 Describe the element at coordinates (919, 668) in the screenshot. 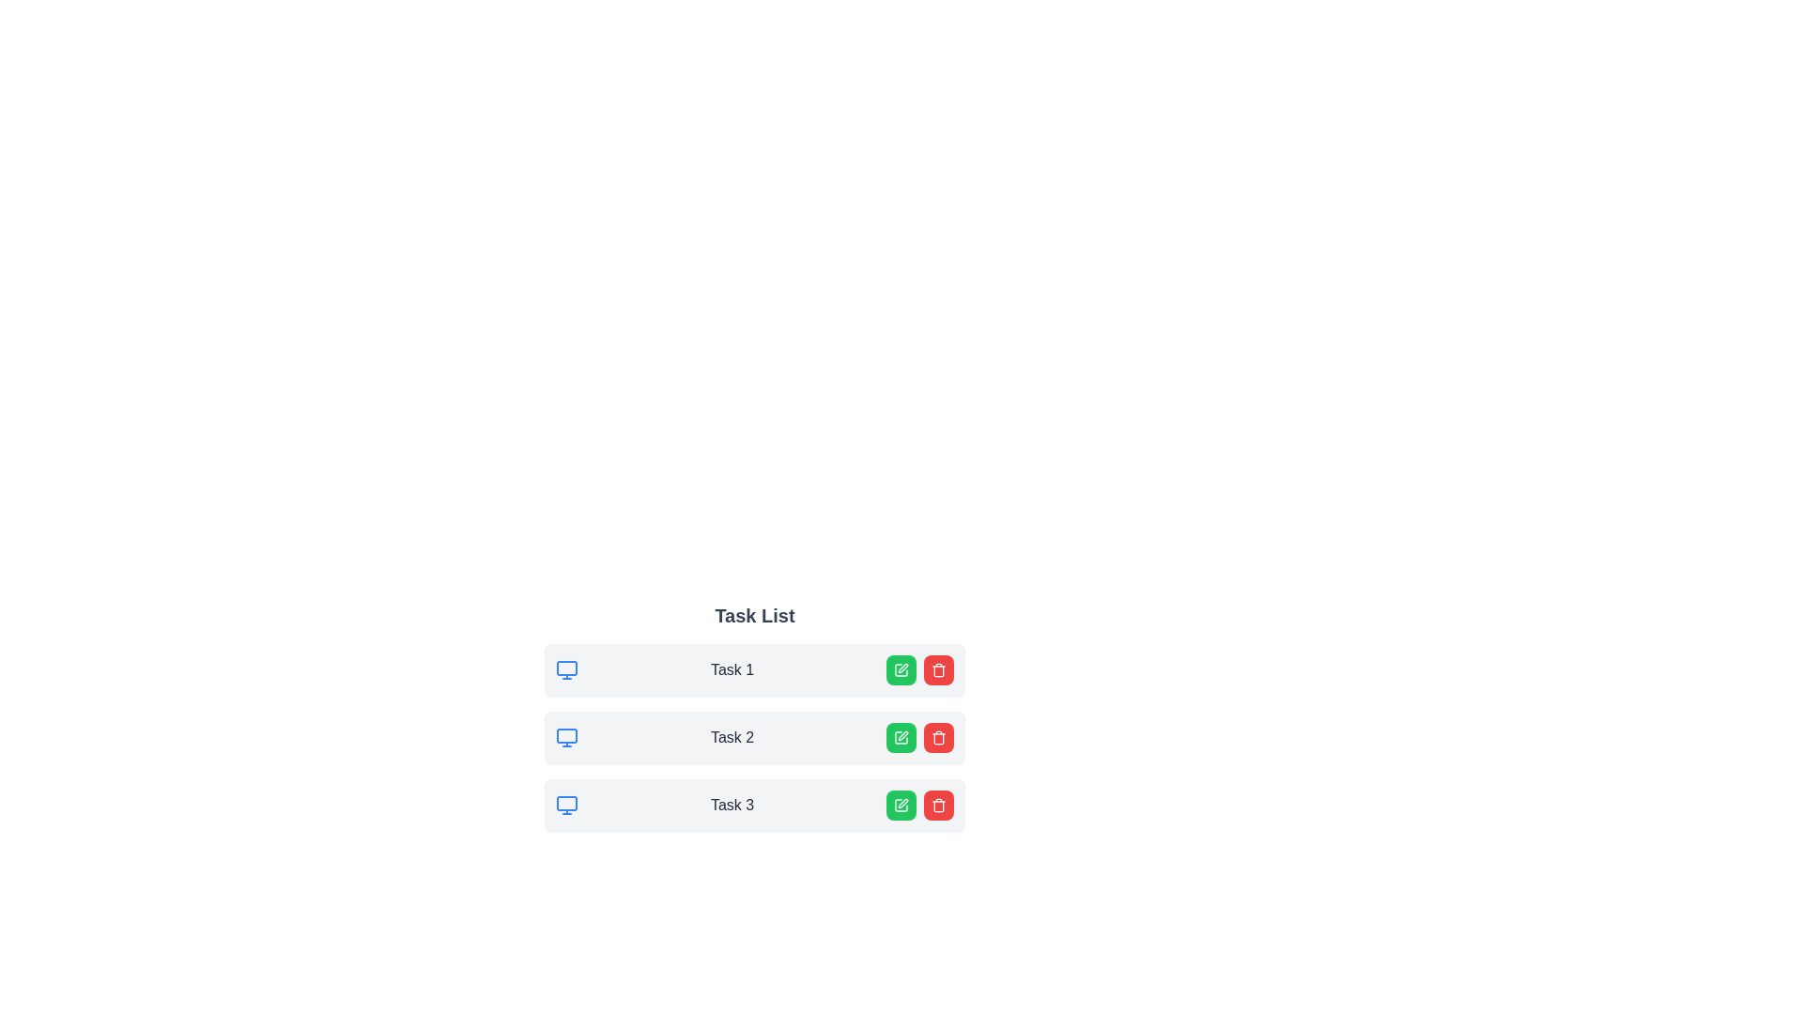

I see `the green edit button with the pencil icon in the button group for 'Task 1' to initiate editing` at that location.